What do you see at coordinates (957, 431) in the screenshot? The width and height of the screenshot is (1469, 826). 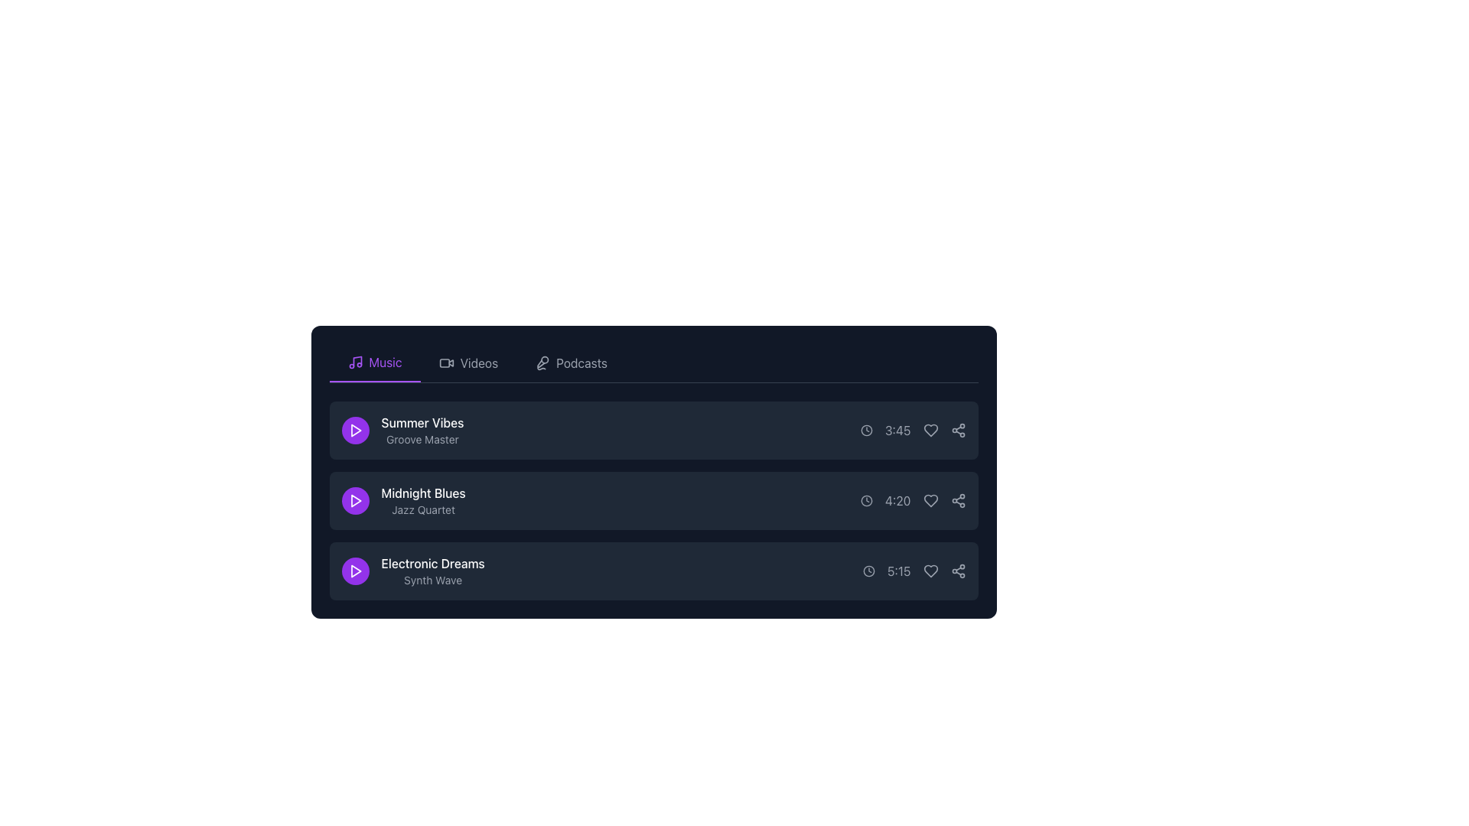 I see `the interactive share icon, styled in light gray with a hover effect that changes to purple, located as the last item in the 'Summer Vibes' row` at bounding box center [957, 431].